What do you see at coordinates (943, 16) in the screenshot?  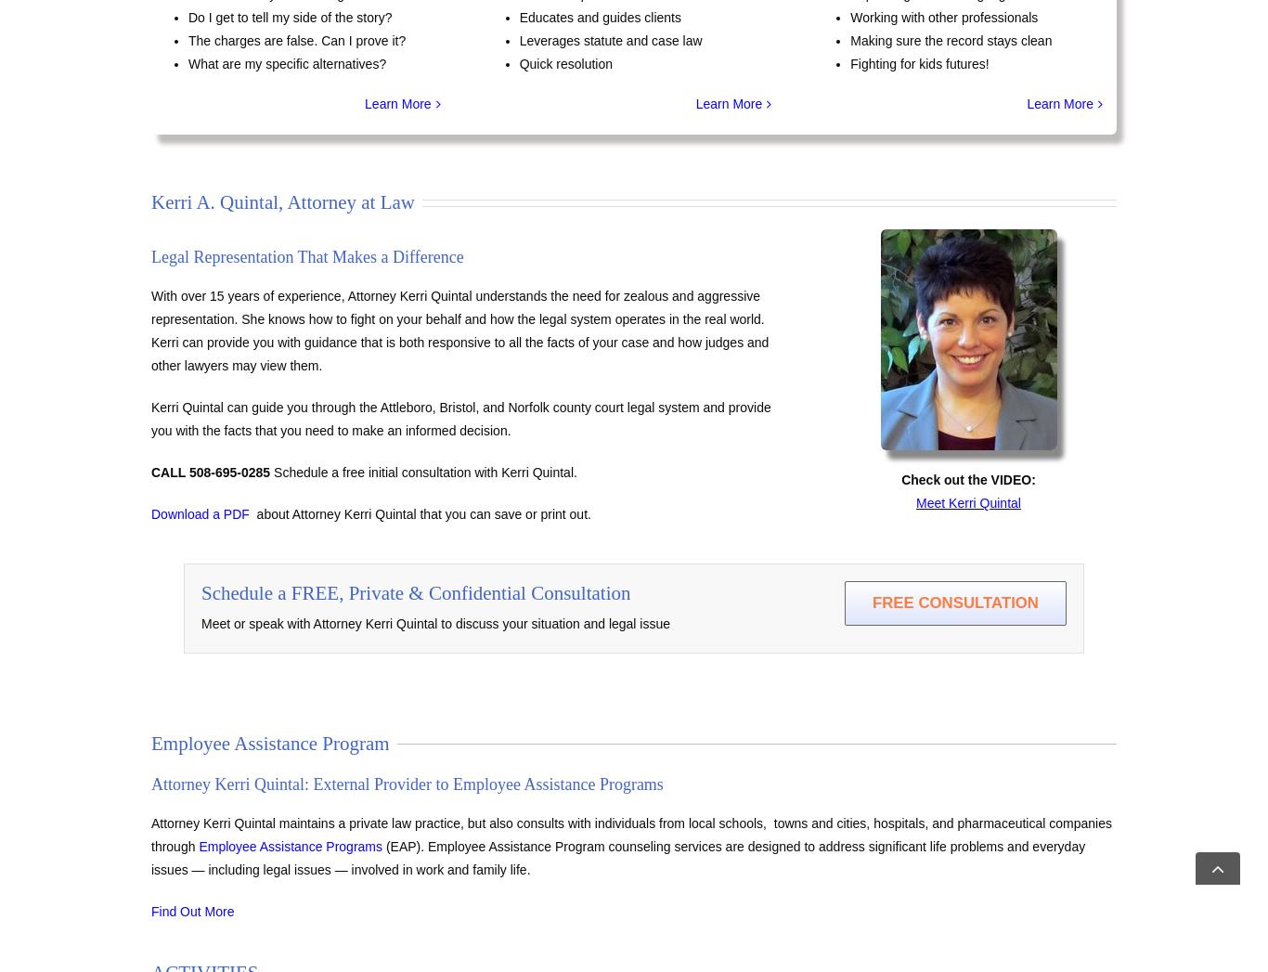 I see `'Working with other professionals'` at bounding box center [943, 16].